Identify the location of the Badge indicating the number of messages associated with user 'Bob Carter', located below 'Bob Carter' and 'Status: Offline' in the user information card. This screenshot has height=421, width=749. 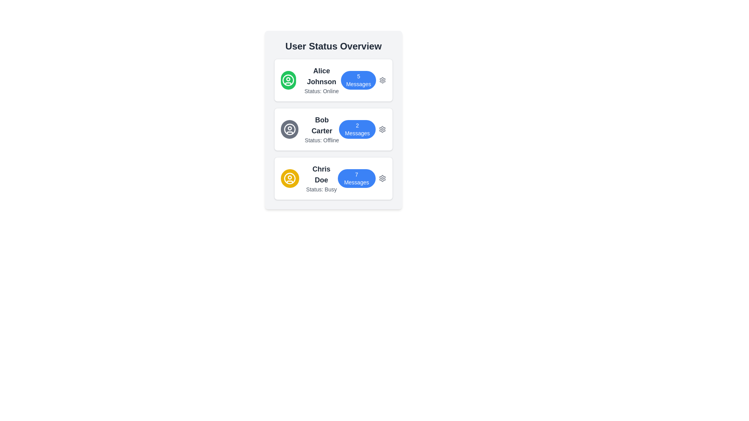
(362, 129).